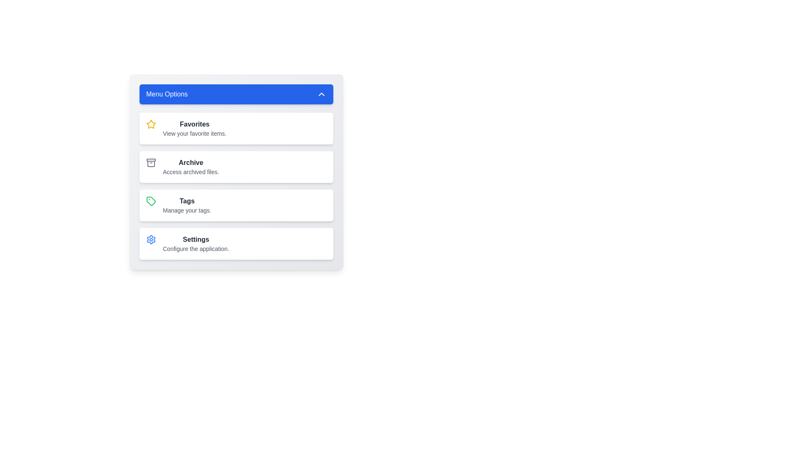  Describe the element at coordinates (186, 201) in the screenshot. I see `the 'Tags' text label, which is a bold and dark title for the subsection 'Manage your tags.'` at that location.